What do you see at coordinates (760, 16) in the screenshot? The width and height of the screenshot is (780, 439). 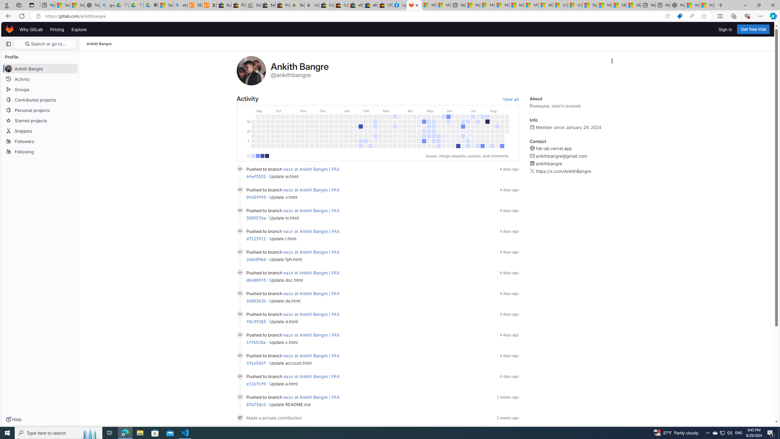 I see `'Settings and more (Alt+F)'` at bounding box center [760, 16].